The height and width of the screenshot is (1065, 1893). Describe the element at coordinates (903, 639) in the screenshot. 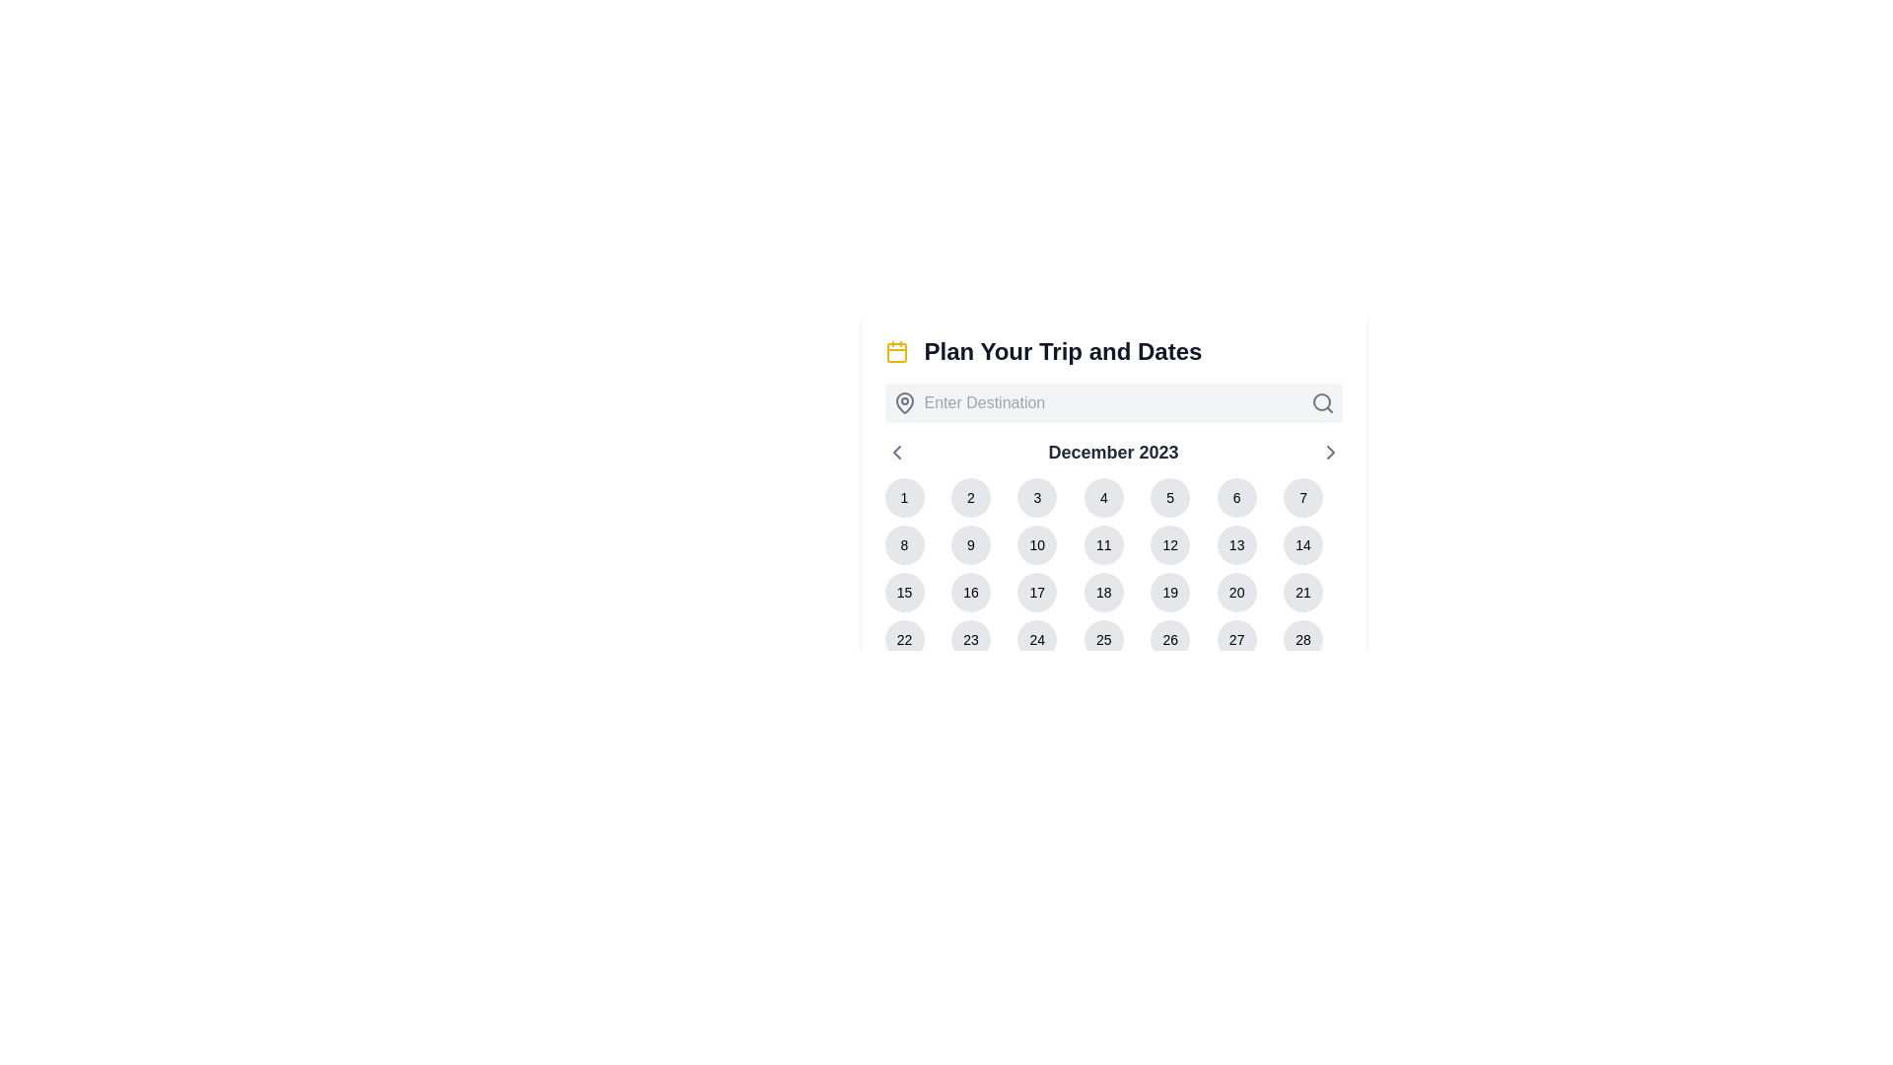

I see `the circular button with grey background and '22' in bold black font, located in the seventh row and first column of a grid layout` at that location.